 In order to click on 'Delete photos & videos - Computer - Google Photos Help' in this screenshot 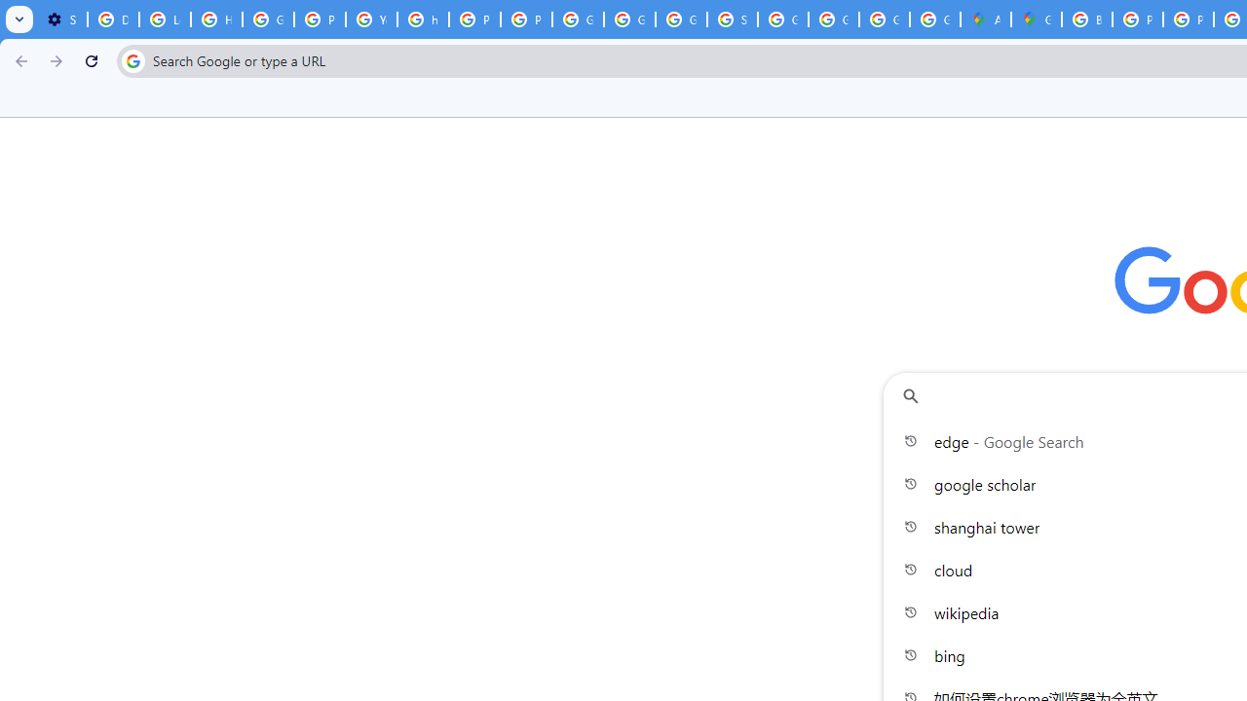, I will do `click(112, 19)`.